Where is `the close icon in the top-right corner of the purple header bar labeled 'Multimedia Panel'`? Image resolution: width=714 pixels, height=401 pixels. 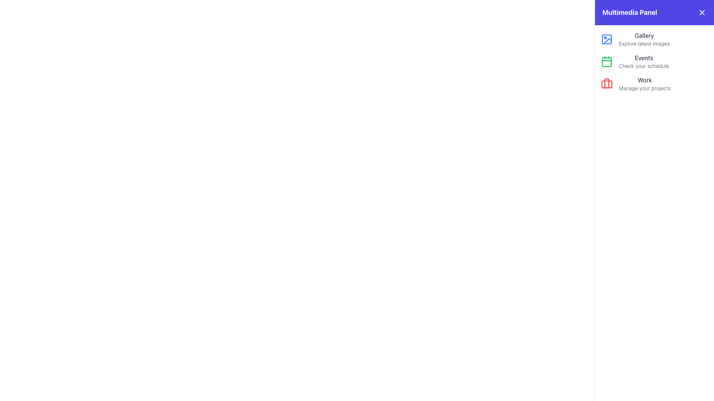
the close icon in the top-right corner of the purple header bar labeled 'Multimedia Panel' is located at coordinates (701, 13).